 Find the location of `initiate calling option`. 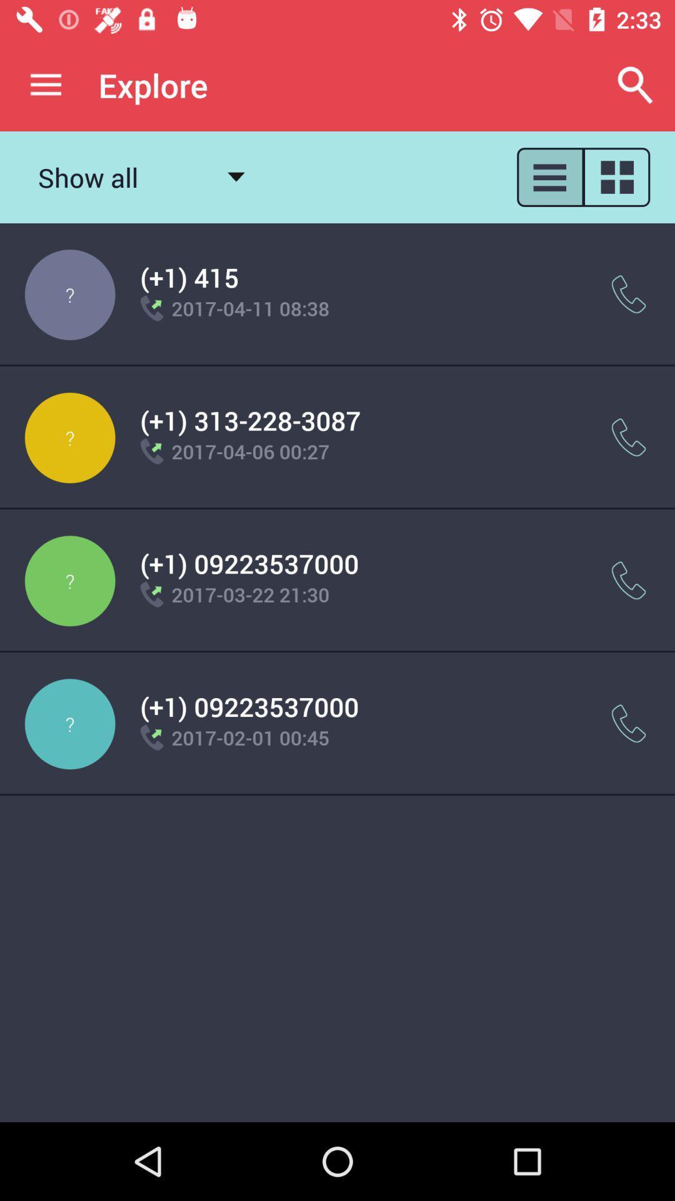

initiate calling option is located at coordinates (629, 437).